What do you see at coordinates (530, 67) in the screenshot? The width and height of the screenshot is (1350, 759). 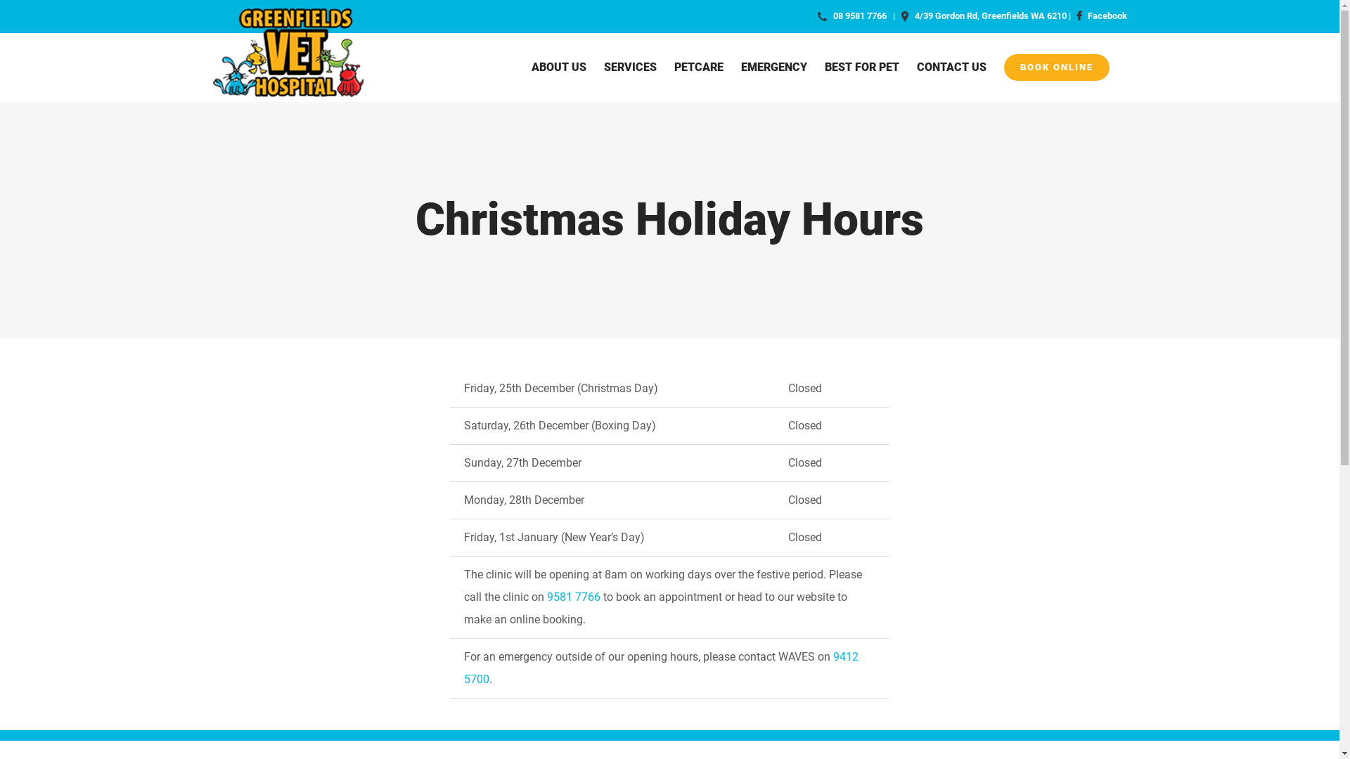 I see `'ABOUT US'` at bounding box center [530, 67].